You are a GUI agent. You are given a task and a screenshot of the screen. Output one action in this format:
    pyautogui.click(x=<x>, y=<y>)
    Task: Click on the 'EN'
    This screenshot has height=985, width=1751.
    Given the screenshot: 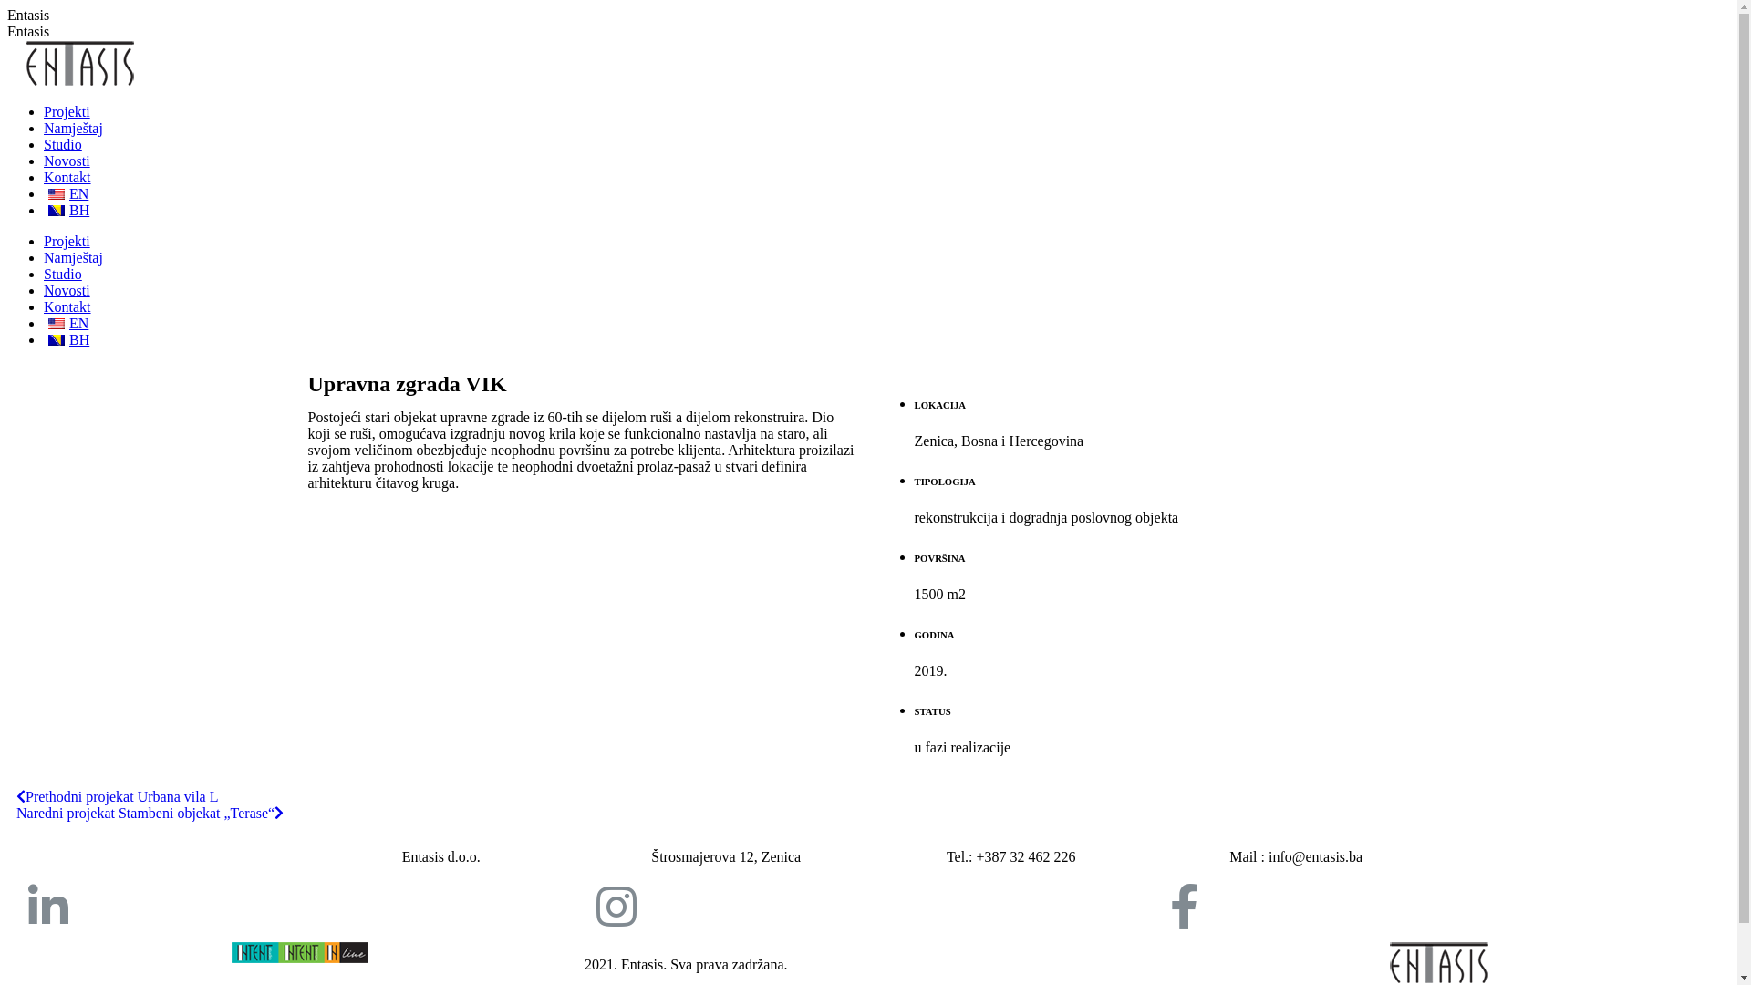 What is the action you would take?
    pyautogui.click(x=44, y=322)
    